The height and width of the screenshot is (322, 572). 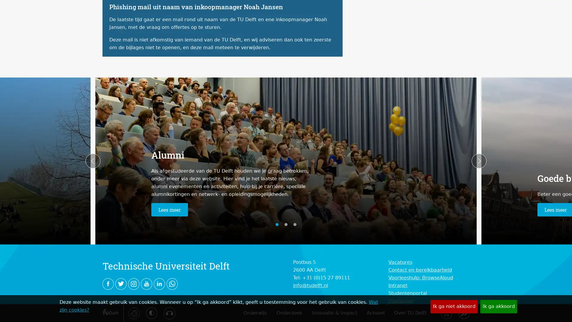 What do you see at coordinates (93, 161) in the screenshot?
I see `Ga naar vorig item` at bounding box center [93, 161].